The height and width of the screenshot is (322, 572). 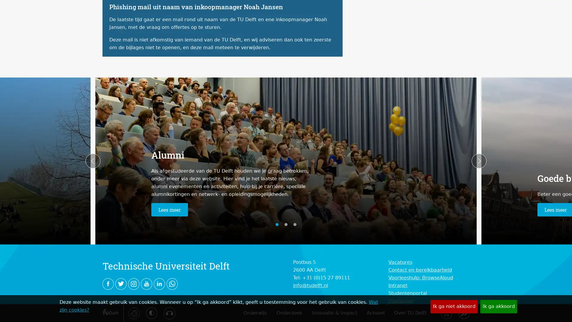 What do you see at coordinates (93, 161) in the screenshot?
I see `Ga naar vorig item` at bounding box center [93, 161].